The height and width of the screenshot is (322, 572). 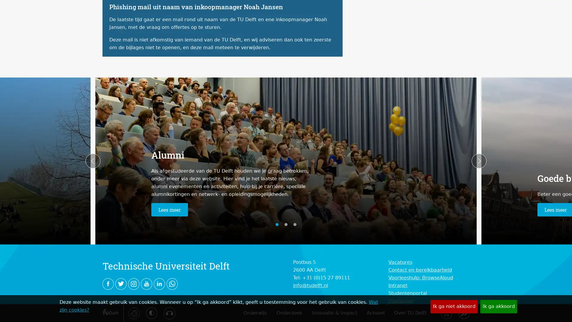 What do you see at coordinates (93, 161) in the screenshot?
I see `Ga naar vorig item` at bounding box center [93, 161].